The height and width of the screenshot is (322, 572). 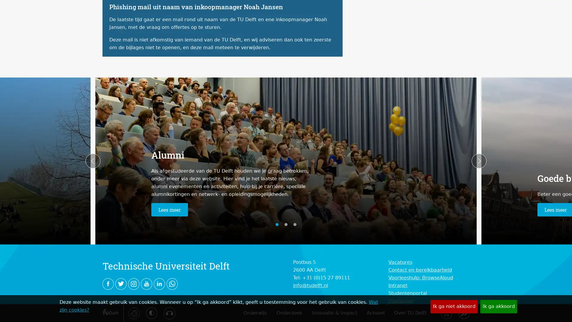 What do you see at coordinates (93, 161) in the screenshot?
I see `Ga naar vorig item` at bounding box center [93, 161].